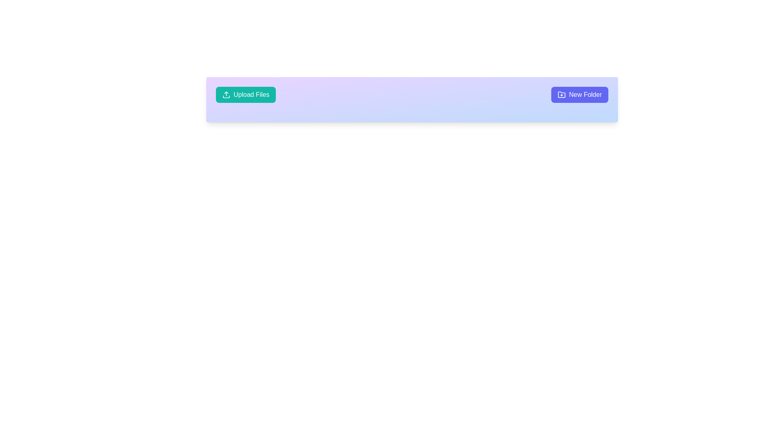 The width and height of the screenshot is (772, 434). Describe the element at coordinates (245, 94) in the screenshot. I see `the teal button labeled 'Upload Files' with an upload icon to initiate the file upload process` at that location.